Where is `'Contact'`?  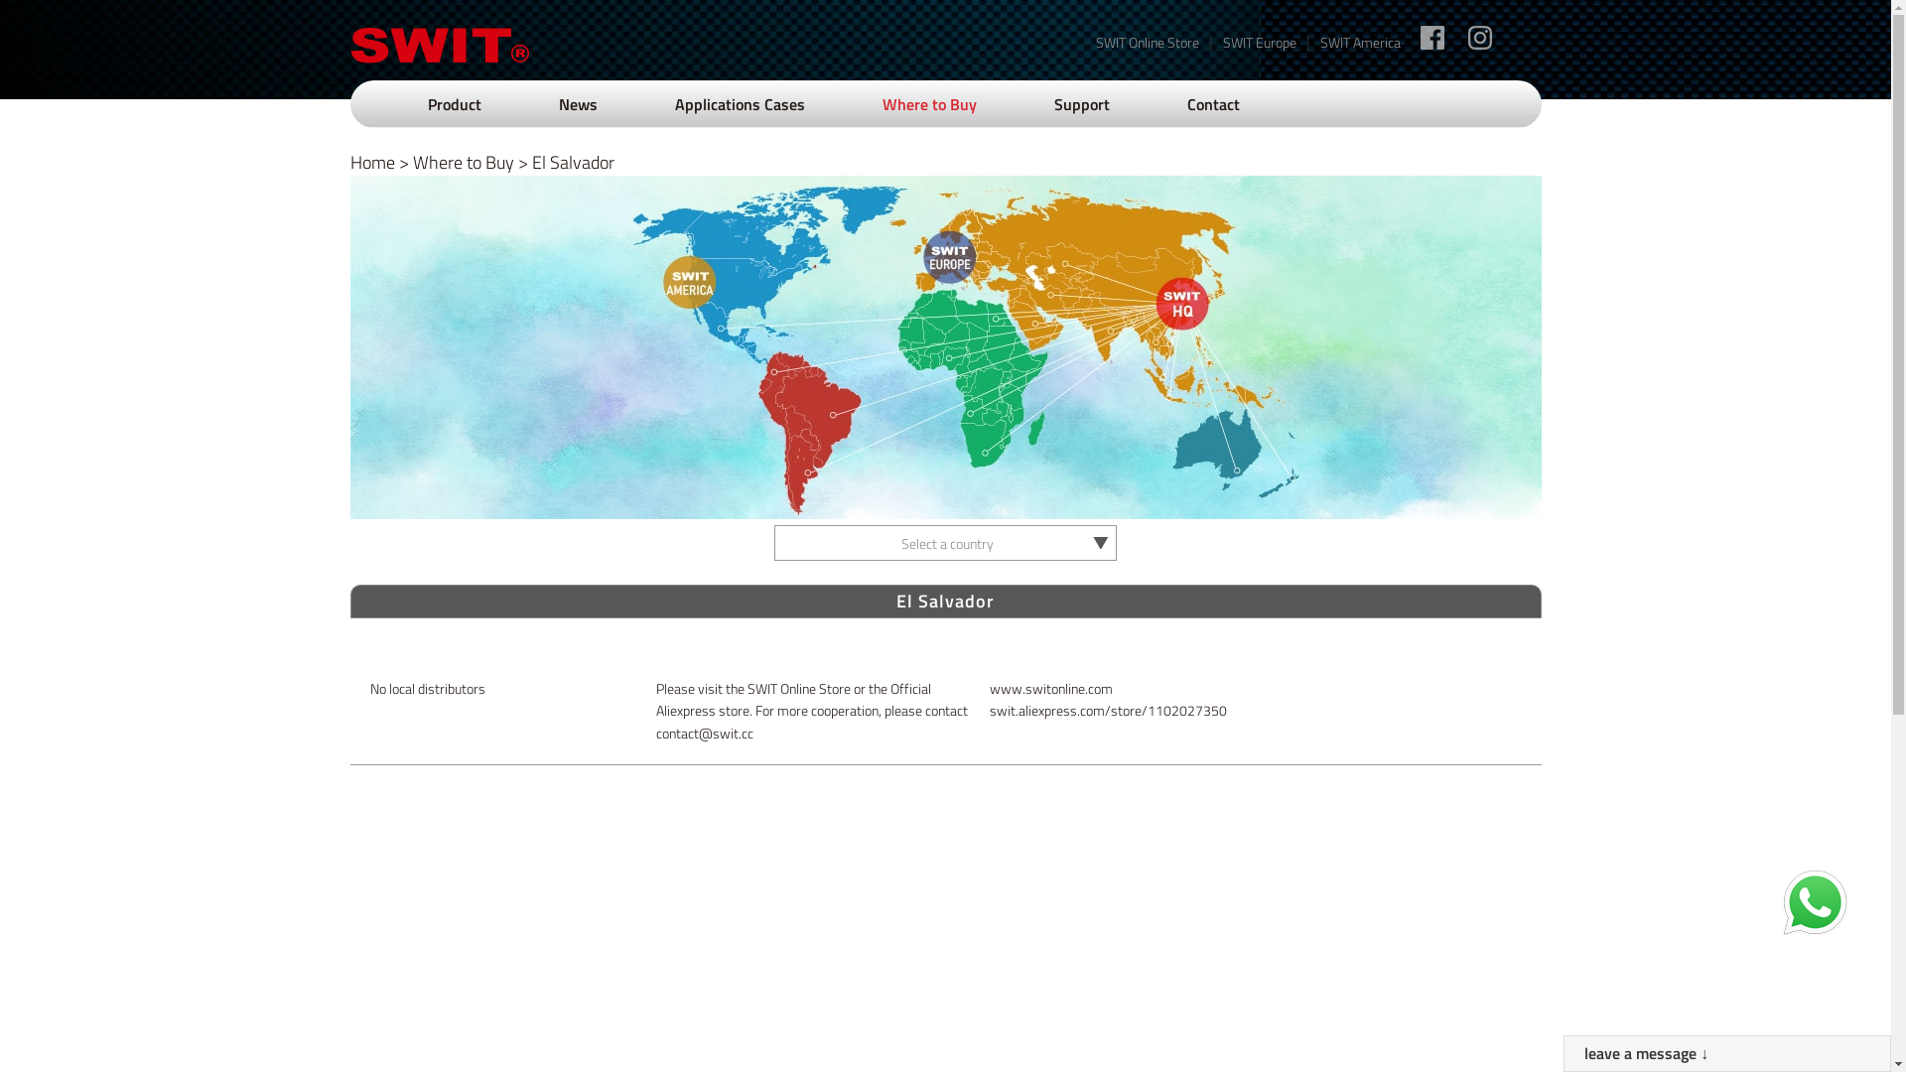 'Contact' is located at coordinates (1212, 103).